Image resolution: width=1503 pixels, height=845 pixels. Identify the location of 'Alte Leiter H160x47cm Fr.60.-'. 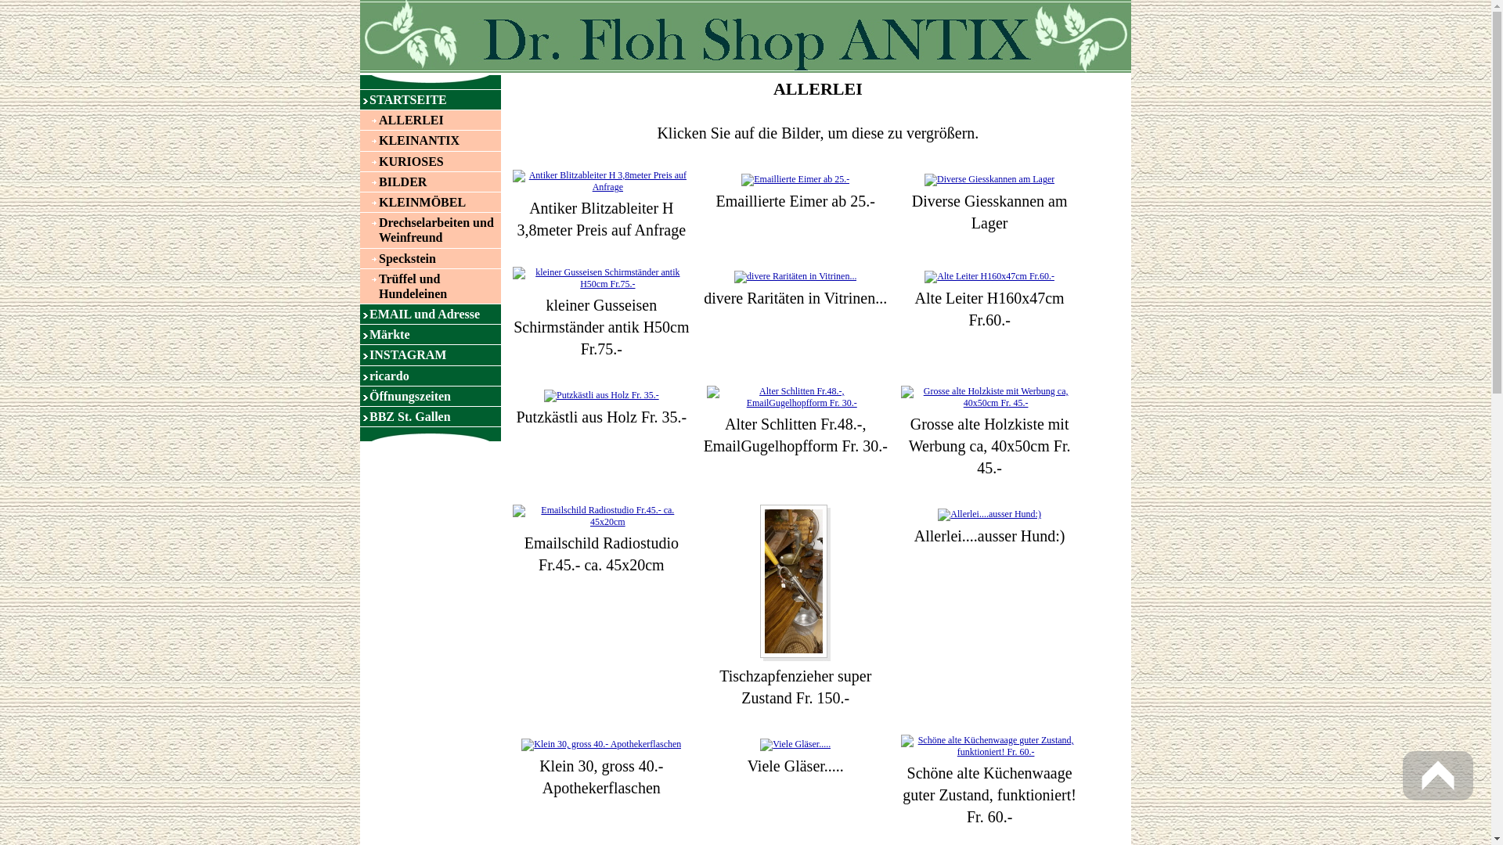
(988, 275).